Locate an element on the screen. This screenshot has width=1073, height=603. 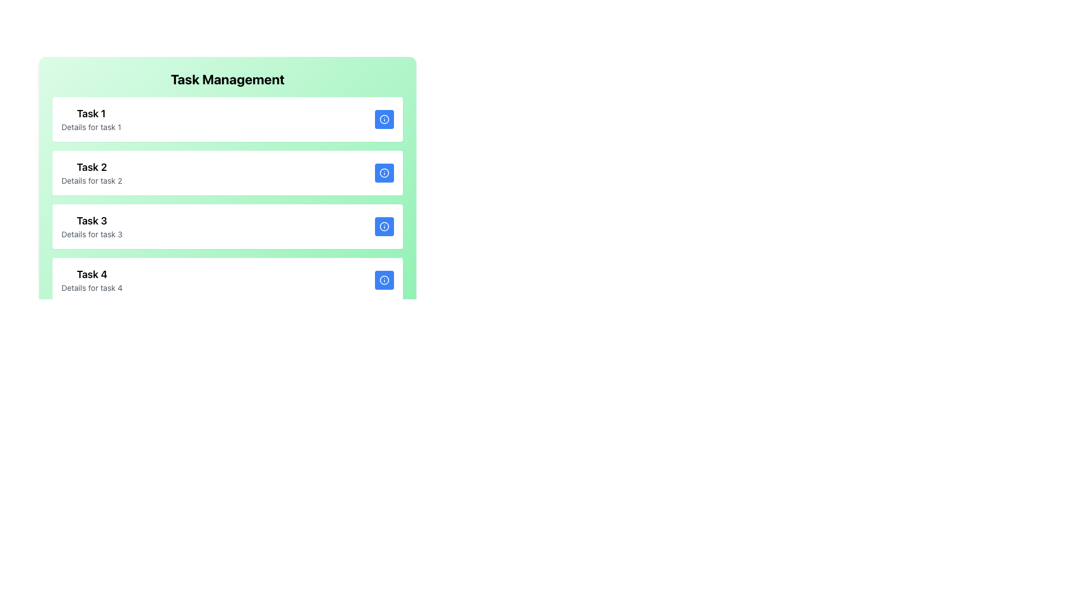
text label 'Task 4' which is bold and larger in font size, located at the top of the fourth task item in a vertically stacked task list interface is located at coordinates (92, 275).